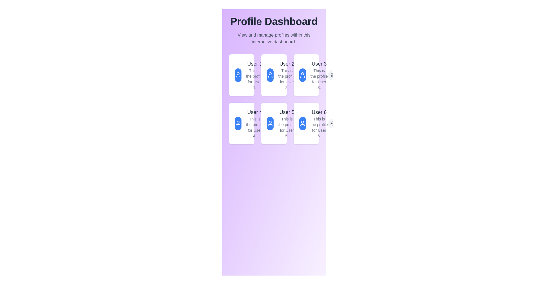 This screenshot has width=541, height=304. Describe the element at coordinates (333, 123) in the screenshot. I see `the circular settings button with a gray background located in the bottom-right area of the card for 'User 6'` at that location.